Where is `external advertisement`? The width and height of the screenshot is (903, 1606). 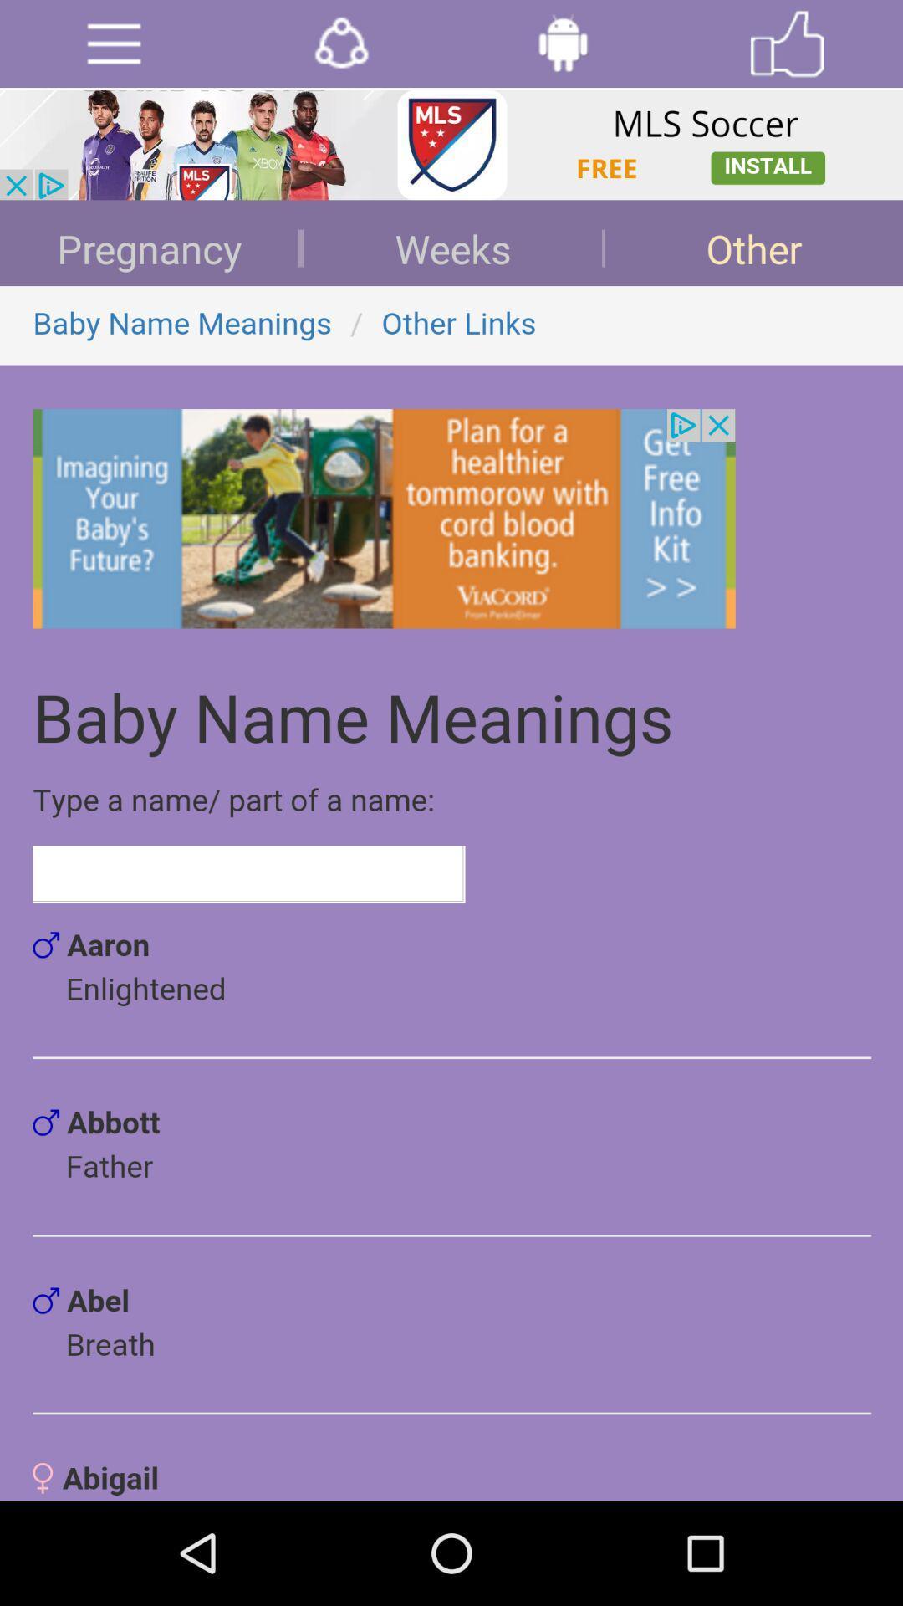
external advertisement is located at coordinates (451, 145).